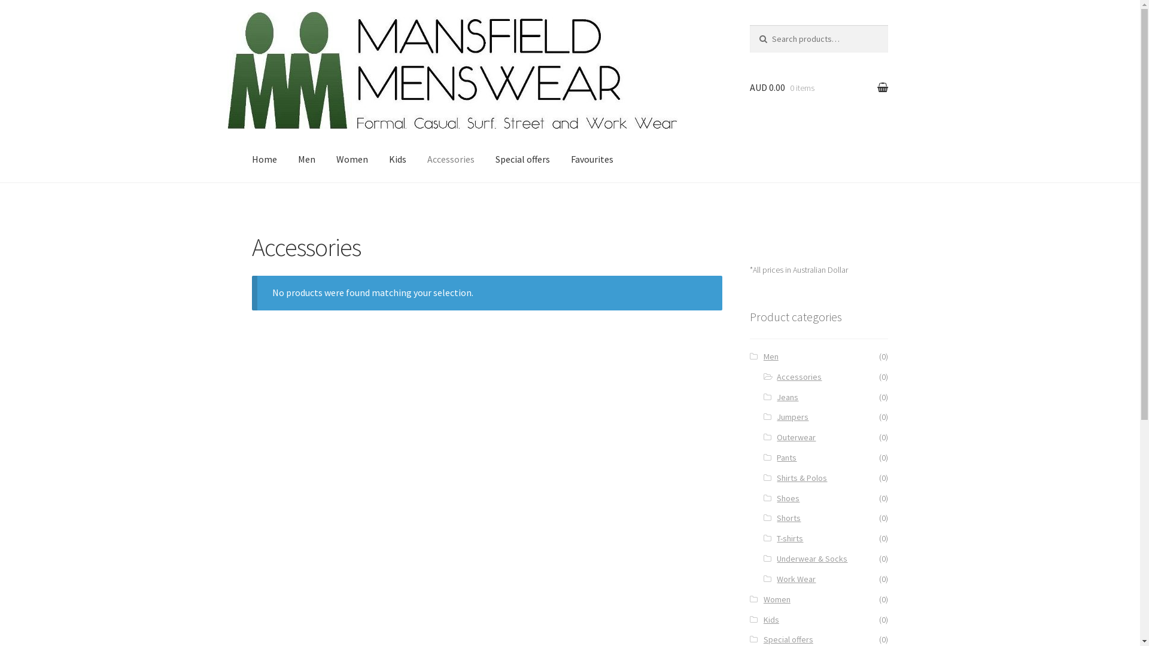 The image size is (1149, 646). What do you see at coordinates (796, 578) in the screenshot?
I see `'Work Wear'` at bounding box center [796, 578].